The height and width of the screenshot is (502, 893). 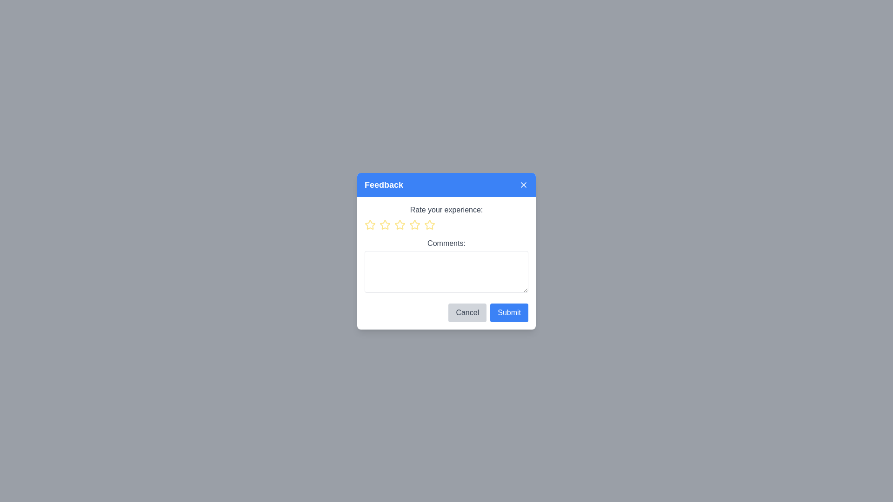 I want to click on the cancellation button located towards the bottom-right of the feedback modal, so click(x=467, y=312).